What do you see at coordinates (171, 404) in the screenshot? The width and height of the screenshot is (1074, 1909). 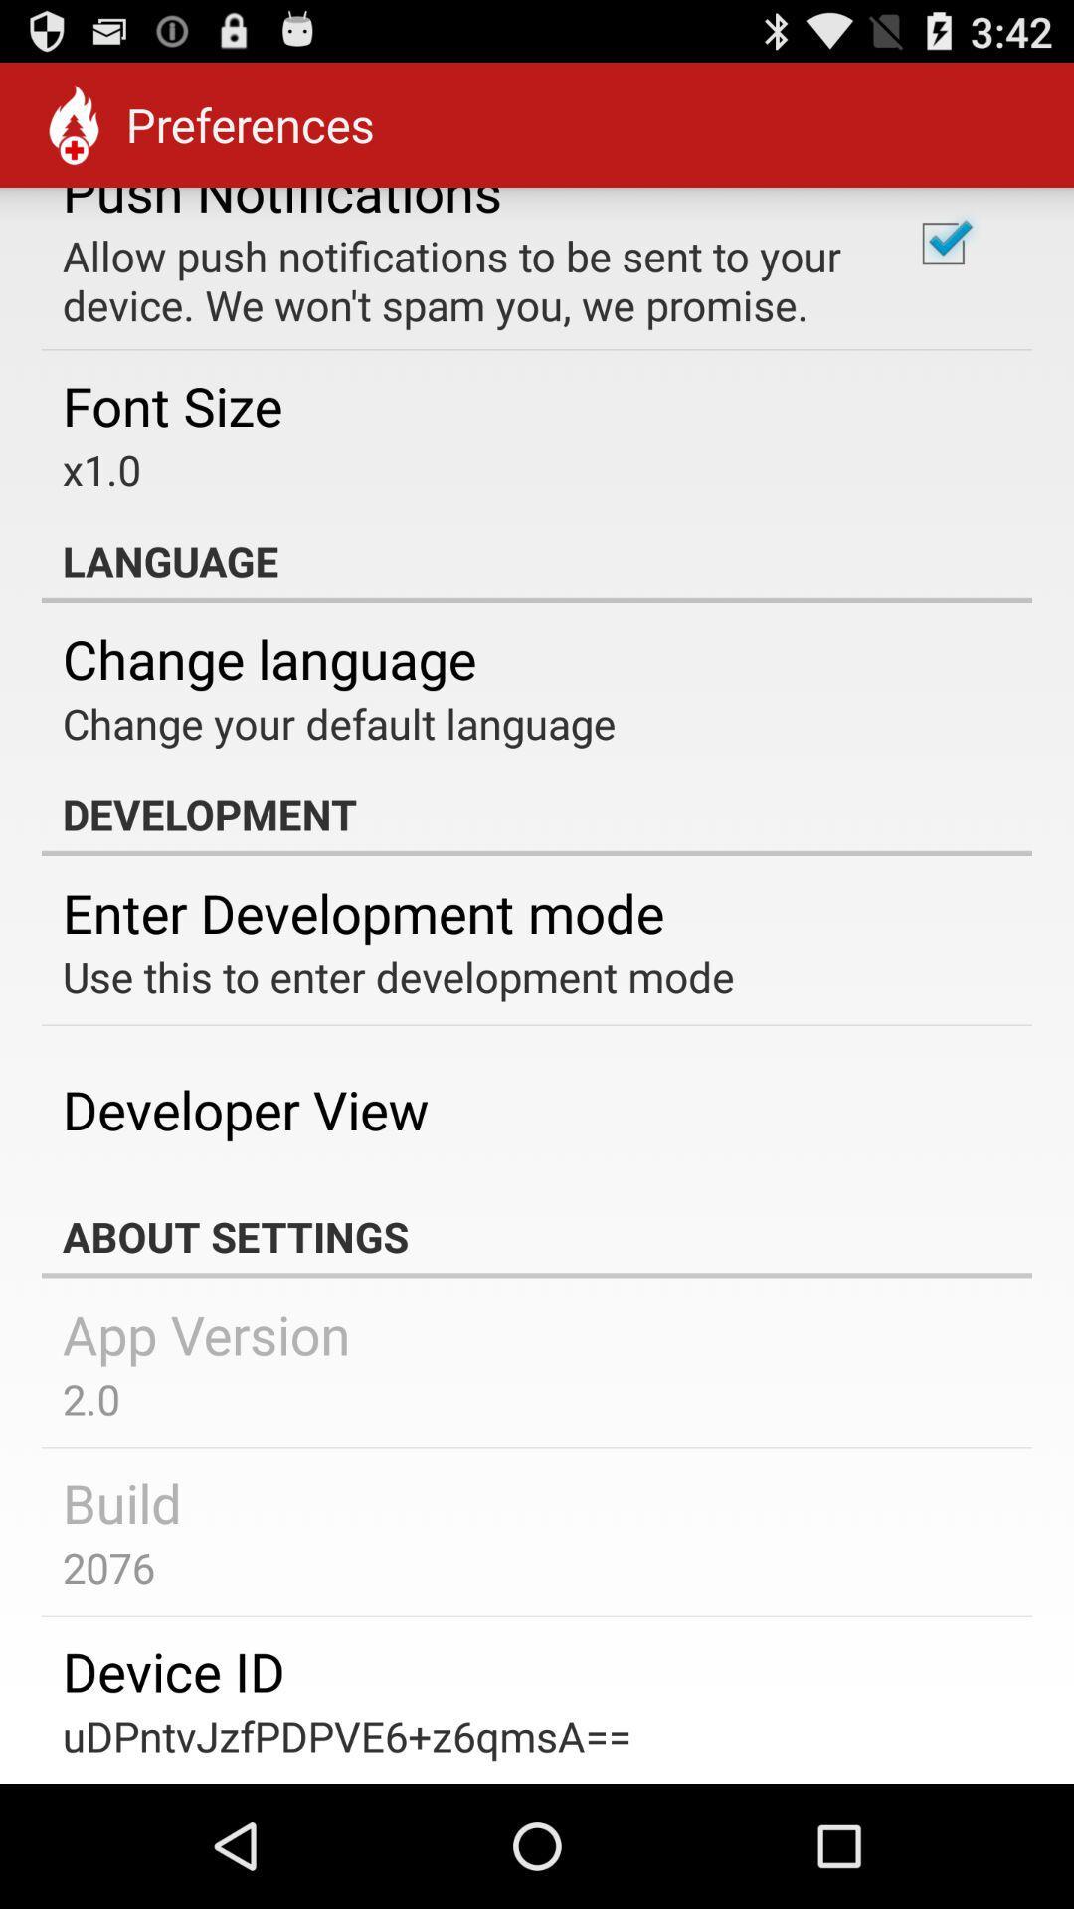 I see `the item above the x1.0` at bounding box center [171, 404].